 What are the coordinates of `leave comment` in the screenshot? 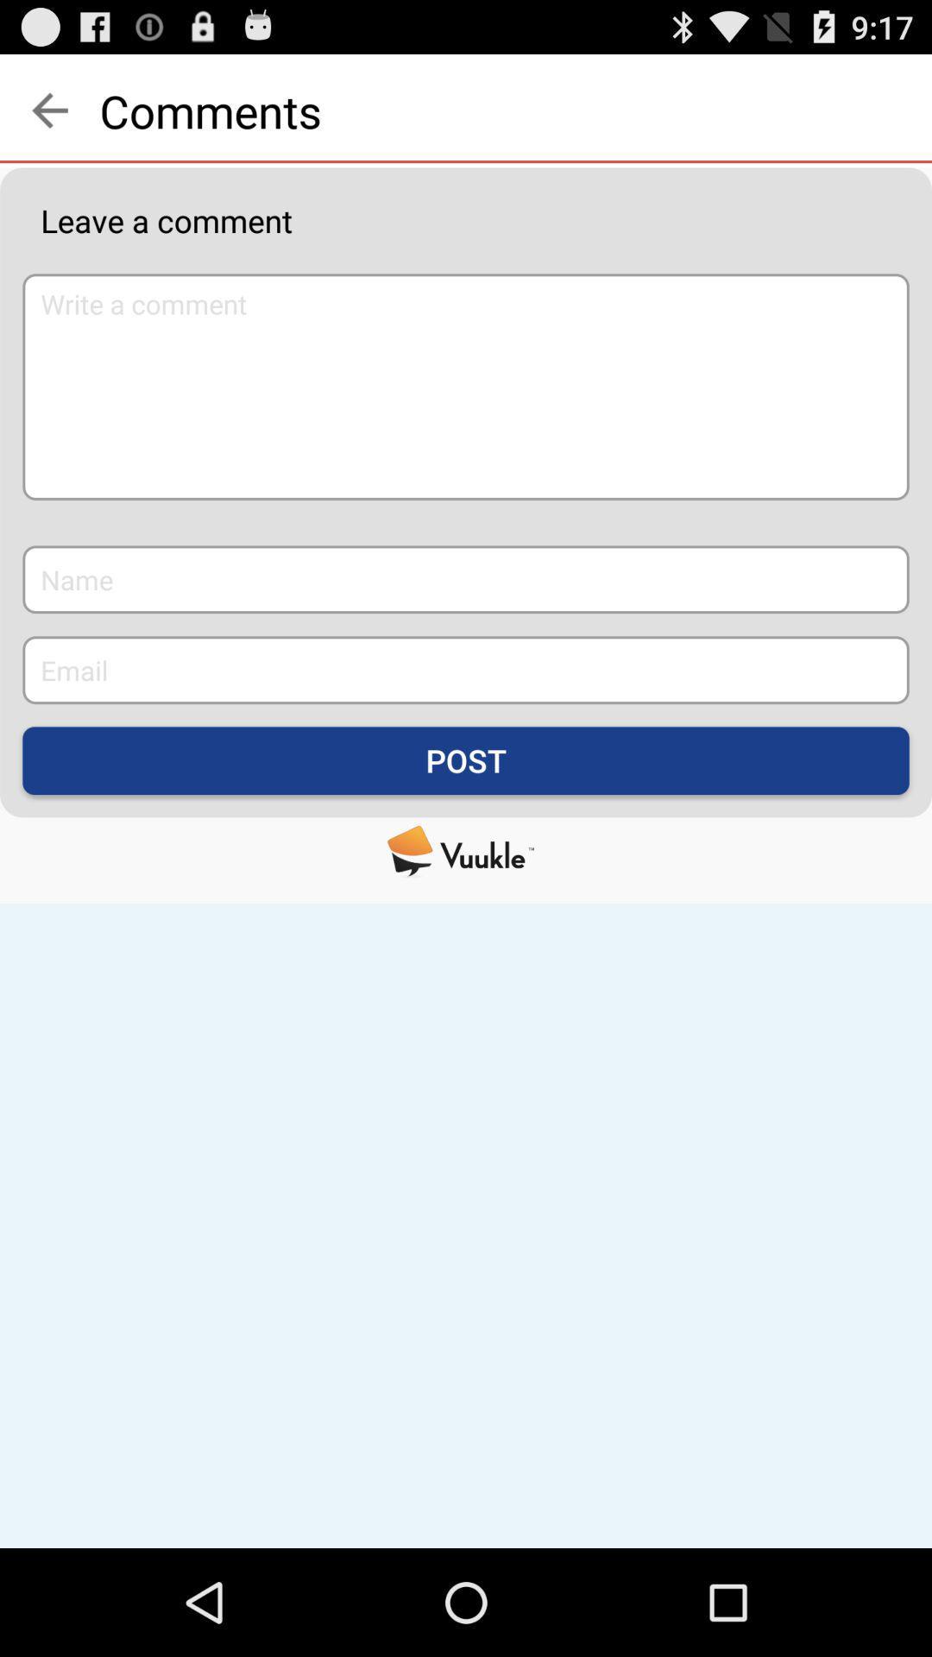 It's located at (466, 386).